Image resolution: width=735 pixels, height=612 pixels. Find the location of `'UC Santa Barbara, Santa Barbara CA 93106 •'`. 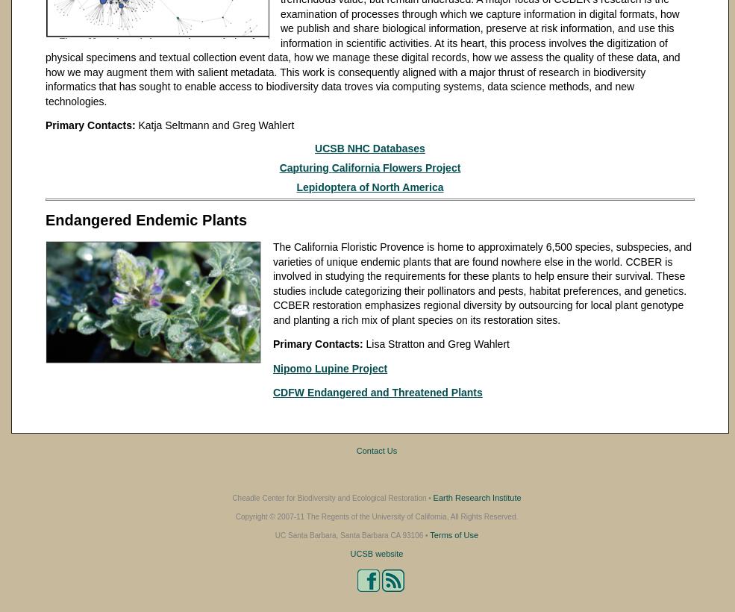

'UC Santa Barbara, Santa Barbara CA 93106 •' is located at coordinates (274, 534).